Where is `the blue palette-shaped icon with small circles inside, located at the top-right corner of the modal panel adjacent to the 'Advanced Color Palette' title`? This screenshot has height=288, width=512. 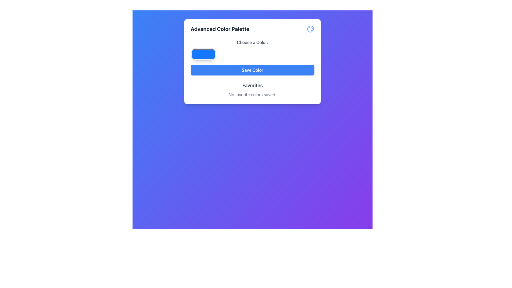
the blue palette-shaped icon with small circles inside, located at the top-right corner of the modal panel adjacent to the 'Advanced Color Palette' title is located at coordinates (311, 29).